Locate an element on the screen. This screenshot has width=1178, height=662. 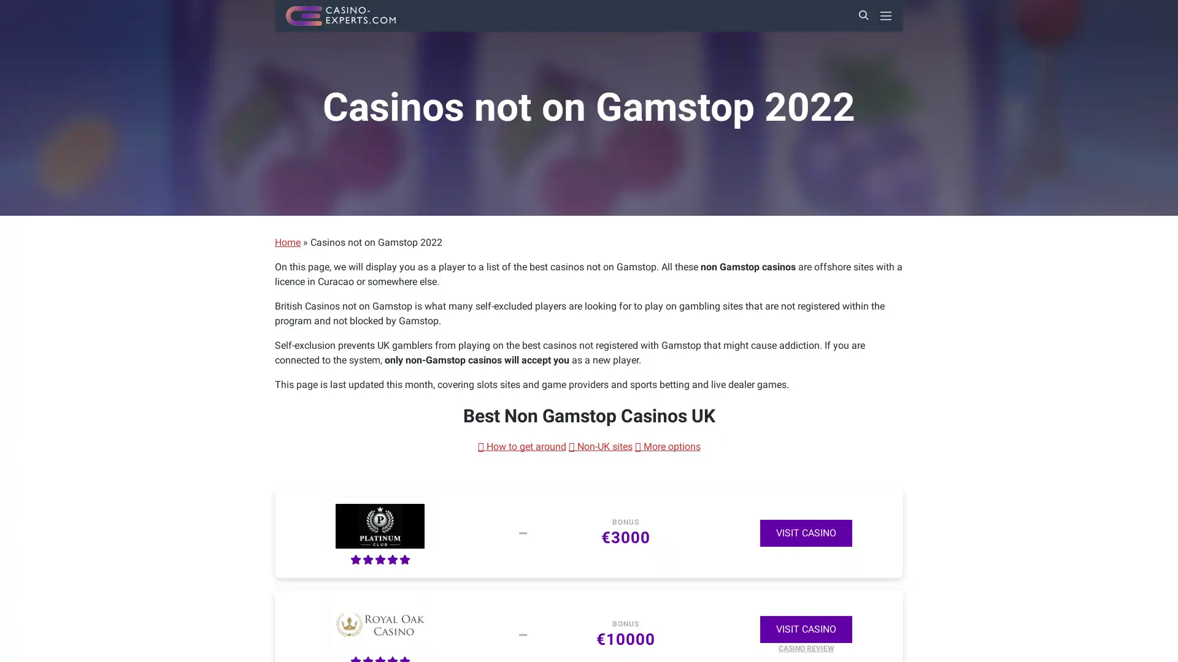
Search is located at coordinates (863, 15).